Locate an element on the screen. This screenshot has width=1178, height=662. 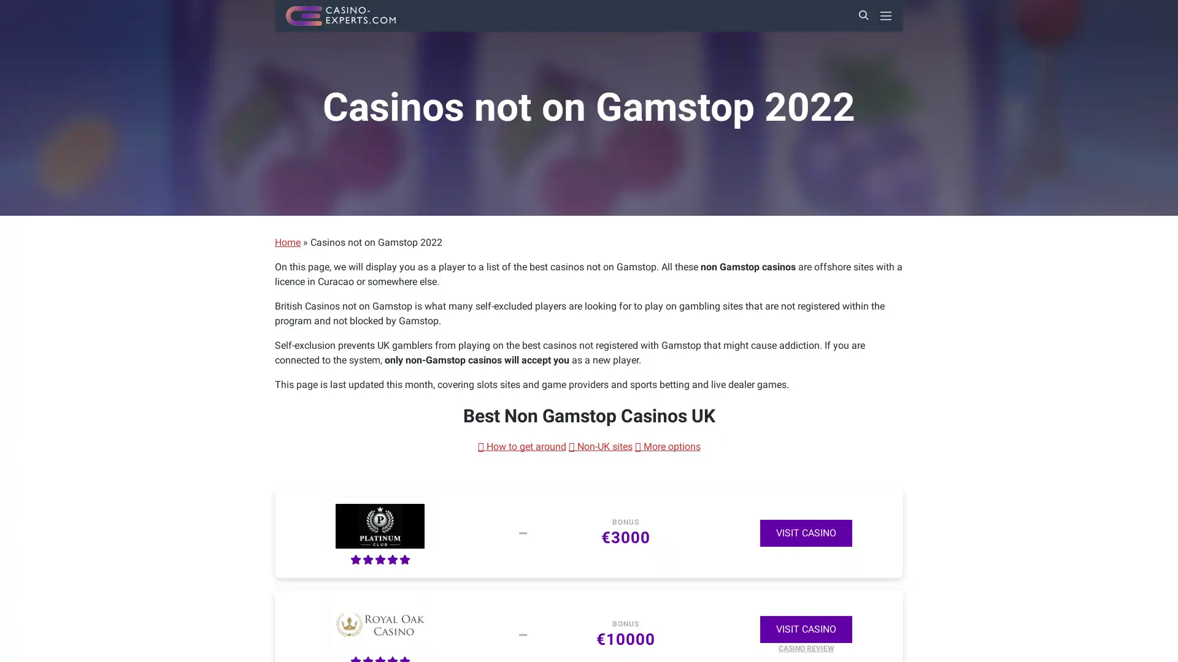
Search is located at coordinates (863, 15).